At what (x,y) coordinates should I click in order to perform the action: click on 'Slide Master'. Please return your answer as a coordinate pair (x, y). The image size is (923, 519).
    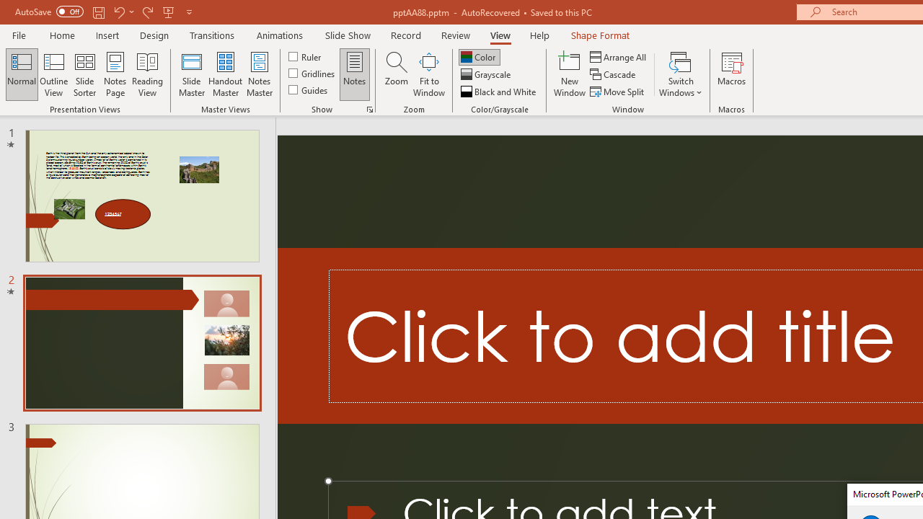
    Looking at the image, I should click on (190, 74).